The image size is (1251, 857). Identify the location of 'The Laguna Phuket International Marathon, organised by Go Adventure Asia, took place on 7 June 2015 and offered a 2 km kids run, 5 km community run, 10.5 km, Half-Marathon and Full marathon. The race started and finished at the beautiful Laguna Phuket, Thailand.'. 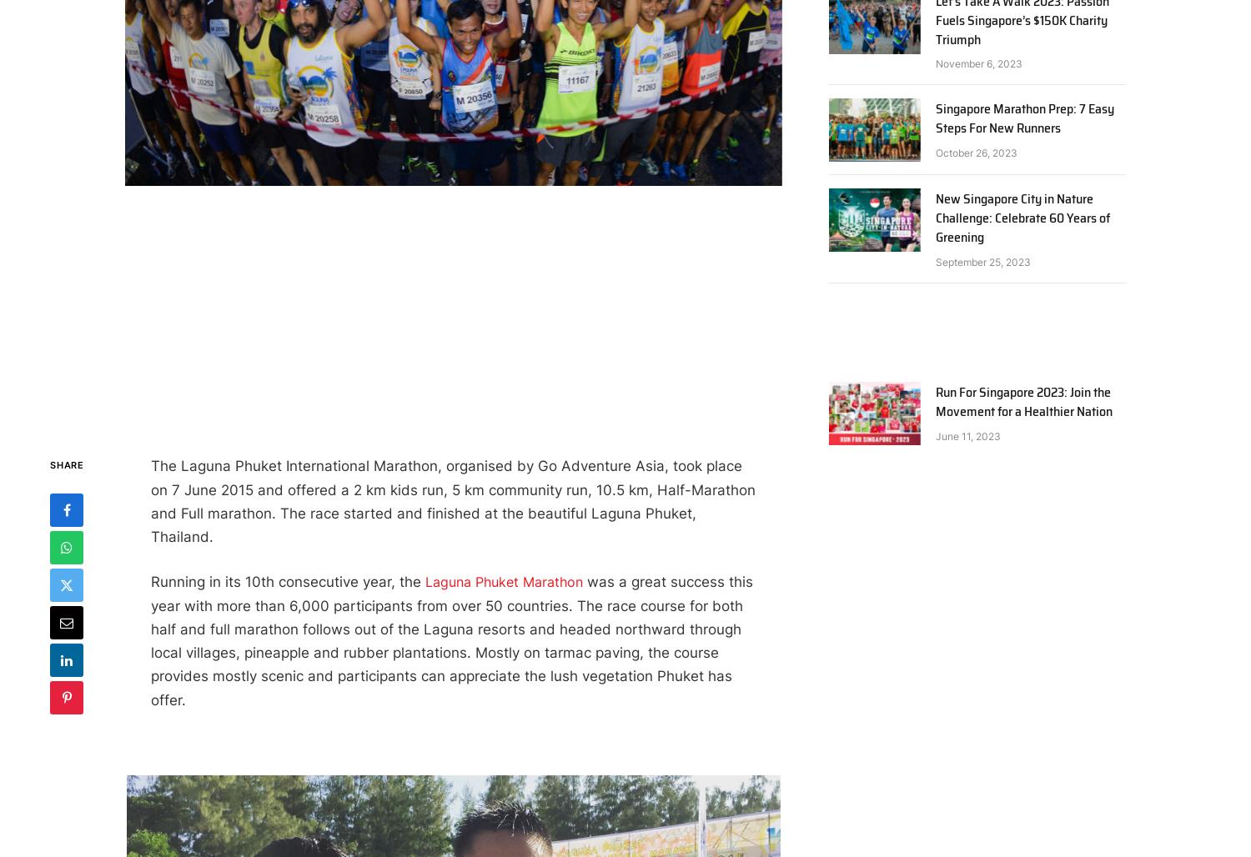
(453, 500).